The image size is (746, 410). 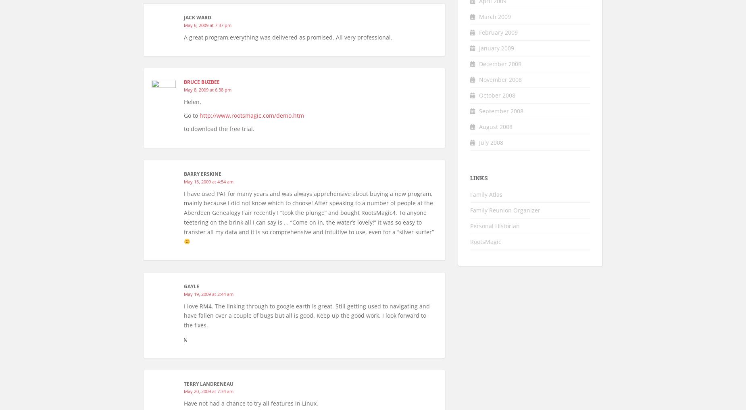 What do you see at coordinates (202, 174) in the screenshot?
I see `'Barry Erskine'` at bounding box center [202, 174].